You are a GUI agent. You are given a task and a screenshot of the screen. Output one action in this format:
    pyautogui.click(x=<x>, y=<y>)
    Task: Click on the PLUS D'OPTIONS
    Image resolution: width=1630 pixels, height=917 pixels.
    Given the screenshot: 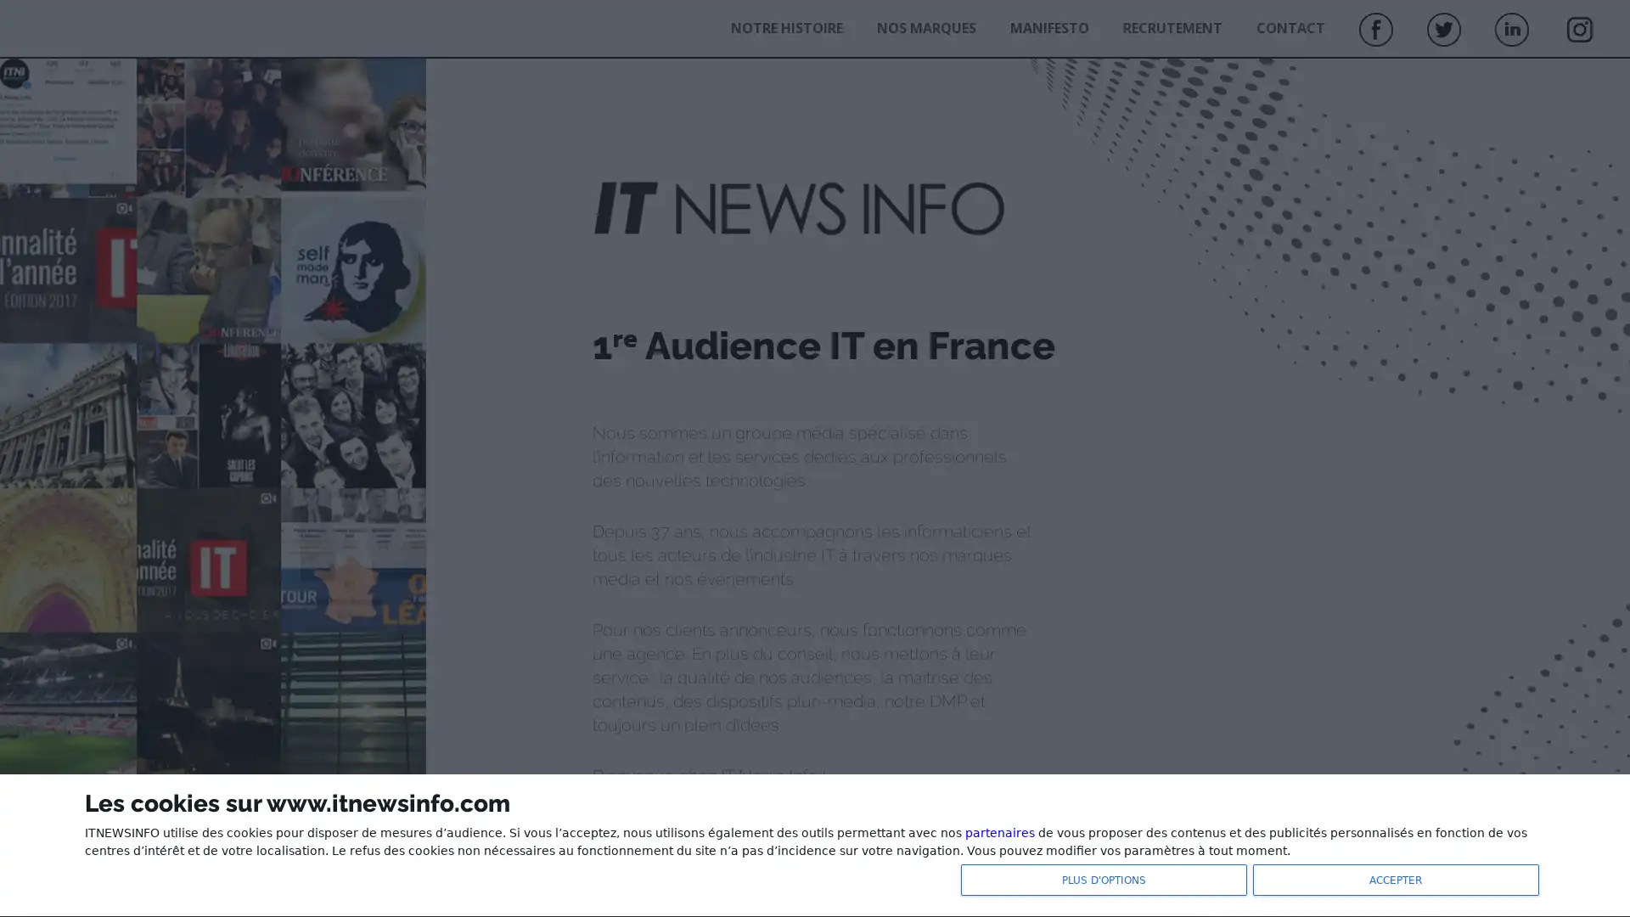 What is the action you would take?
    pyautogui.click(x=1100, y=878)
    